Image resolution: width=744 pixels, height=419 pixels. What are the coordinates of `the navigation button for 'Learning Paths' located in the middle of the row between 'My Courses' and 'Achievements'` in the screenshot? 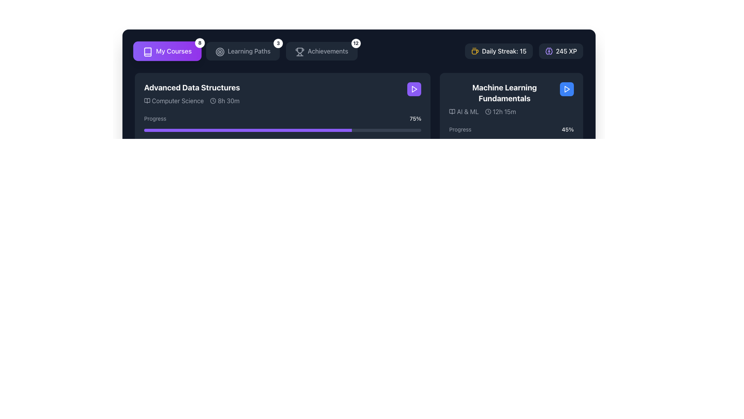 It's located at (246, 51).